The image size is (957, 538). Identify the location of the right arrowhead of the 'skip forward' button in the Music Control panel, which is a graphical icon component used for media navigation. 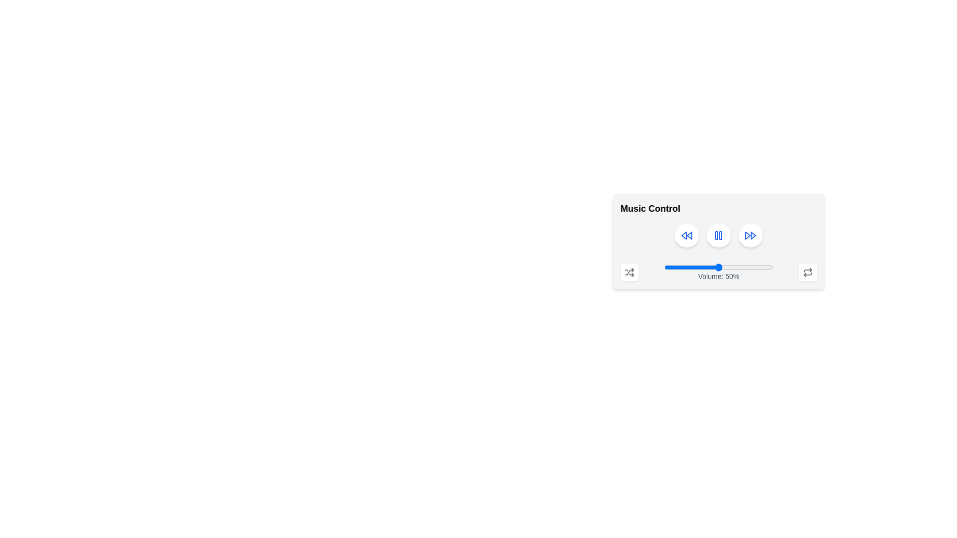
(753, 236).